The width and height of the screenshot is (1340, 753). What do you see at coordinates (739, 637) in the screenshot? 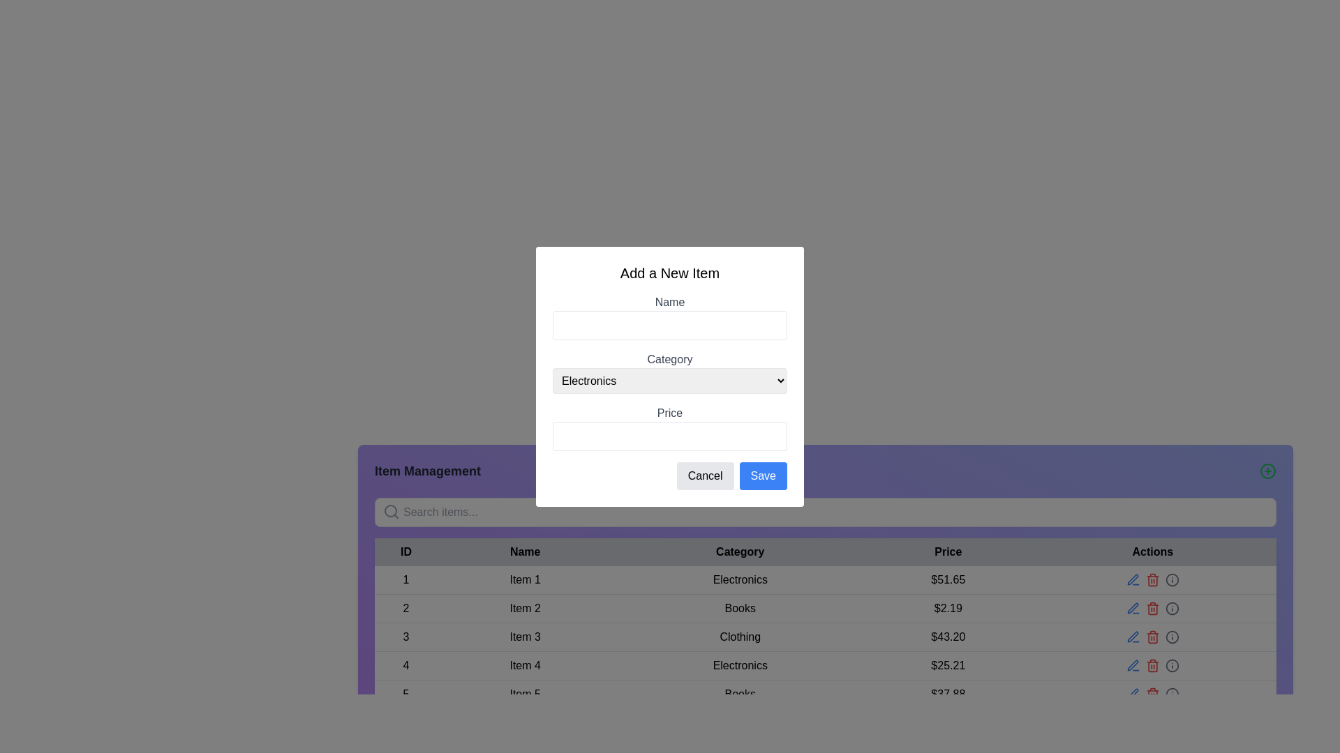
I see `text content of the 'Clothing' text label located in the third row of the table under the 'Category' column` at bounding box center [739, 637].